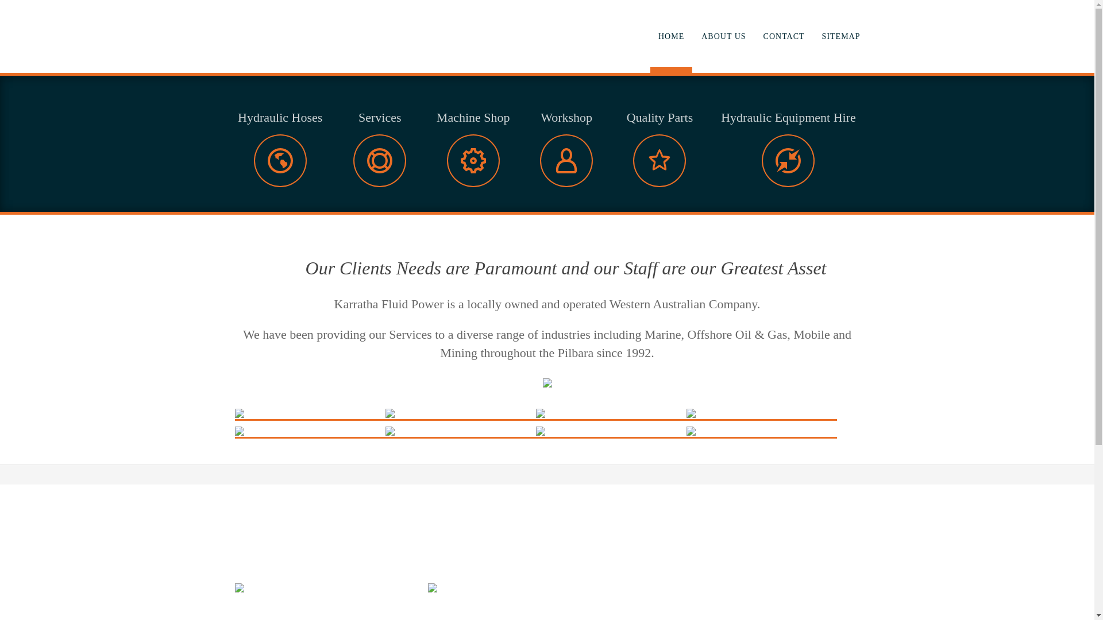  What do you see at coordinates (783, 36) in the screenshot?
I see `'CONTACT'` at bounding box center [783, 36].